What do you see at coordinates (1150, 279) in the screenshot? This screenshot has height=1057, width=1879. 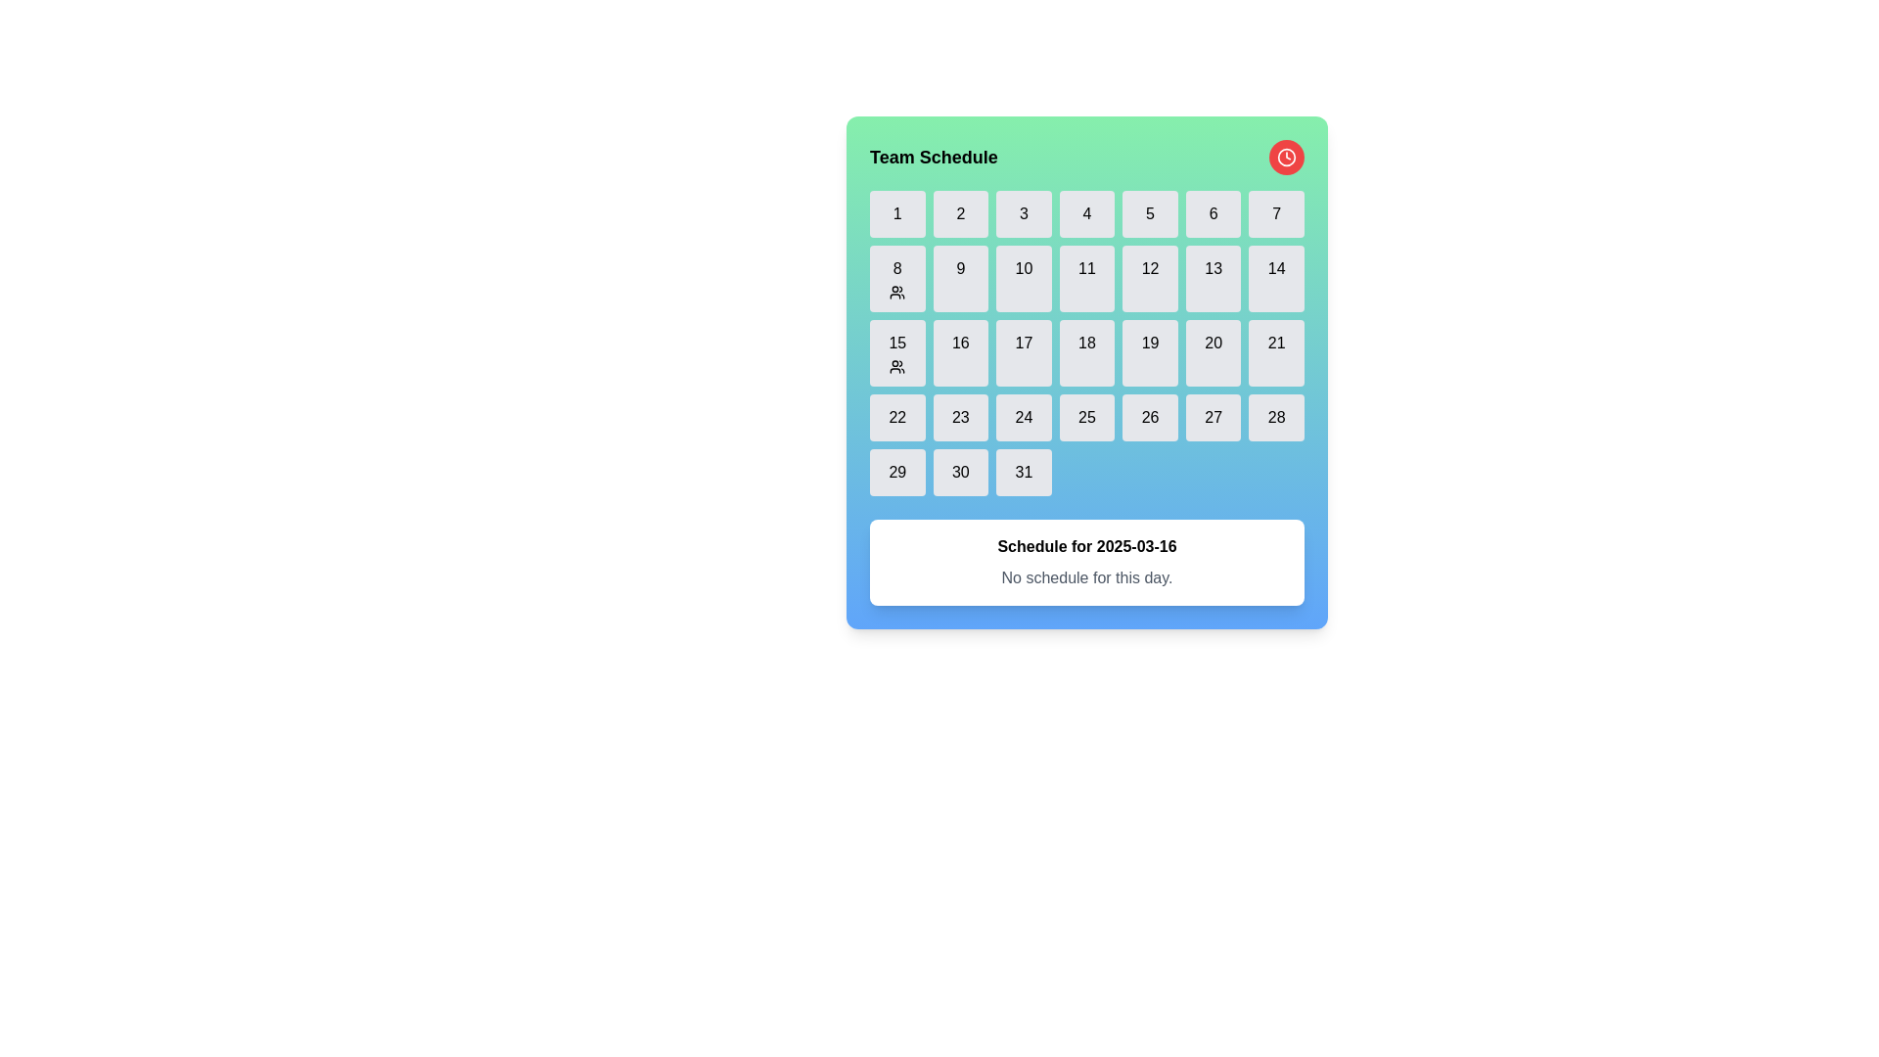 I see `the button-like element representing the calendar date 12th` at bounding box center [1150, 279].